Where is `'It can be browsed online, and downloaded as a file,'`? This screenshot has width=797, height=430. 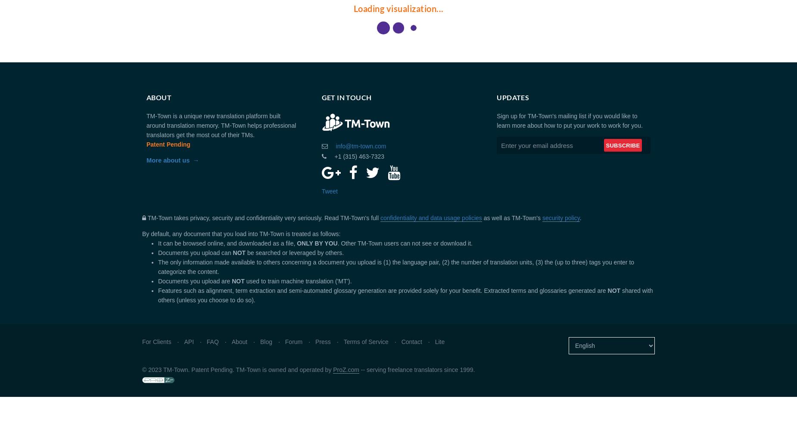 'It can be browsed online, and downloaded as a file,' is located at coordinates (227, 243).